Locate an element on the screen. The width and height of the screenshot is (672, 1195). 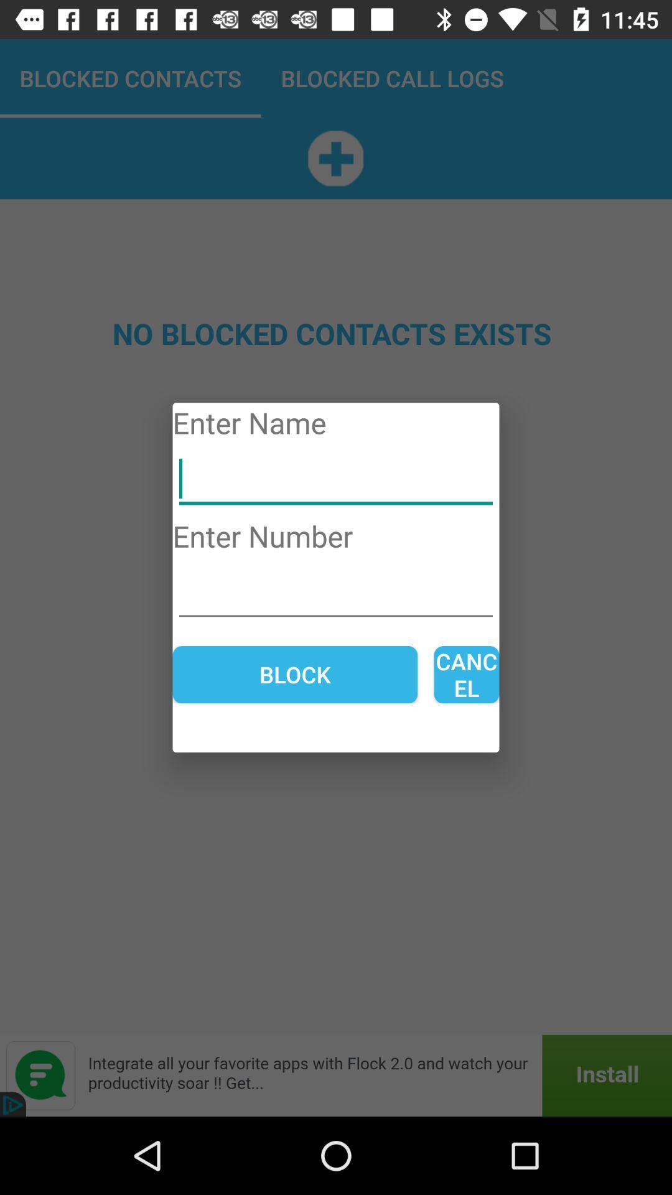
cancel is located at coordinates (466, 674).